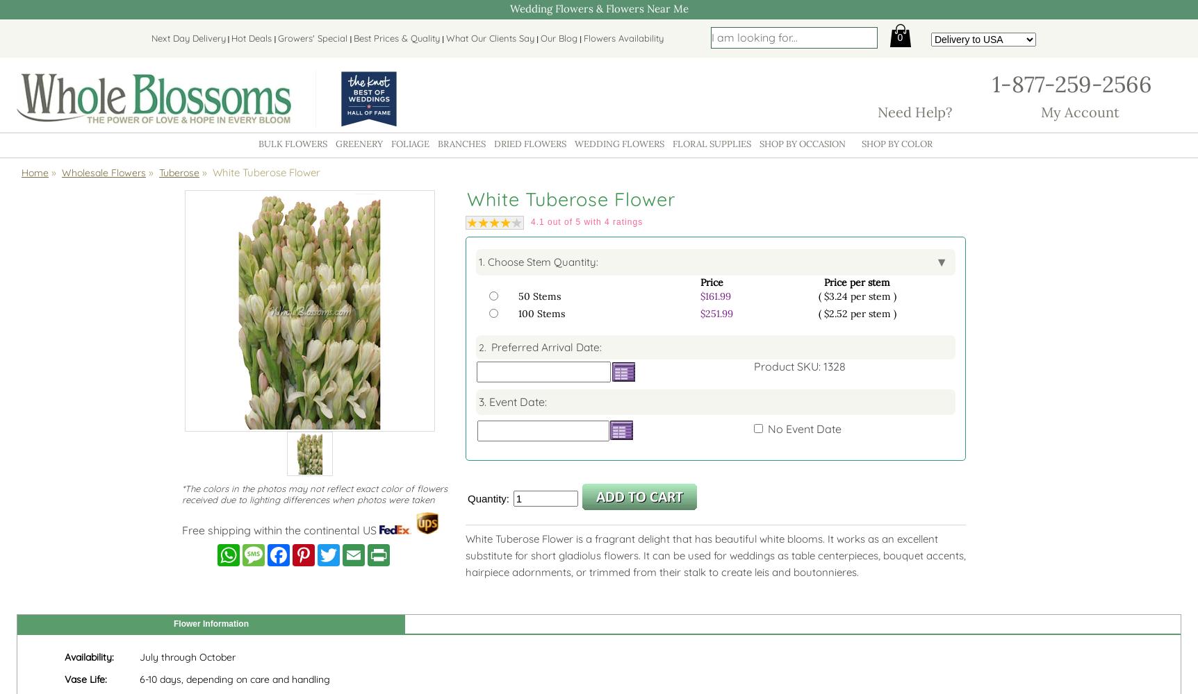  I want to click on '1. Choose Stem Quantity:', so click(538, 261).